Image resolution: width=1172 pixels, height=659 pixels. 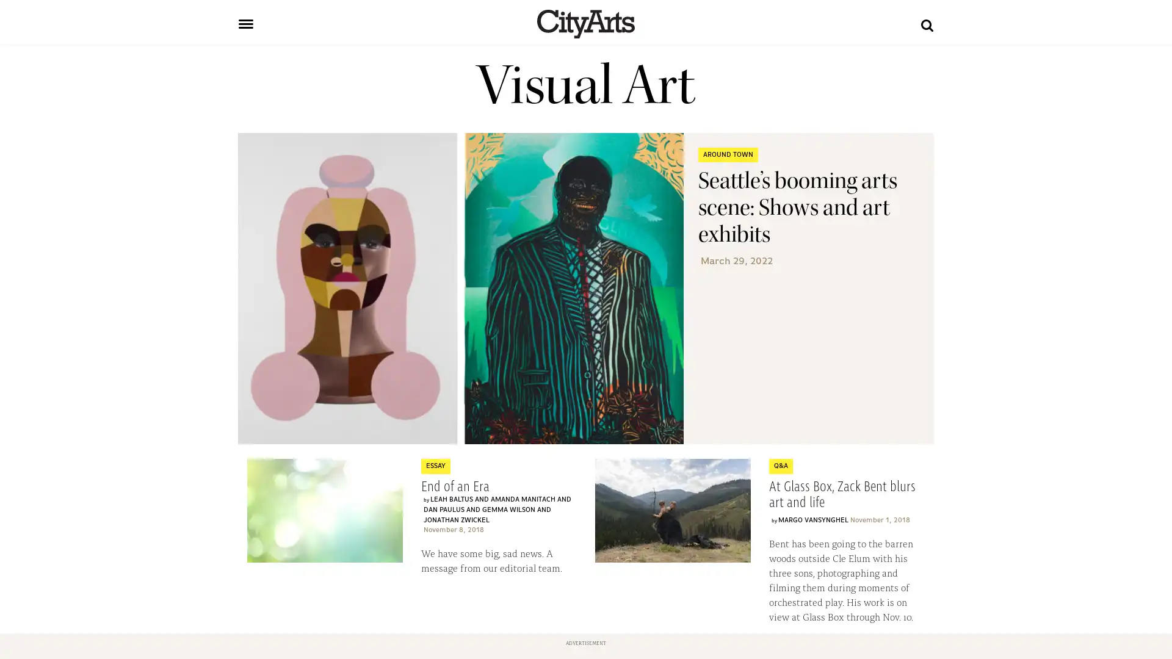 What do you see at coordinates (245, 24) in the screenshot?
I see `Toggle navigation` at bounding box center [245, 24].